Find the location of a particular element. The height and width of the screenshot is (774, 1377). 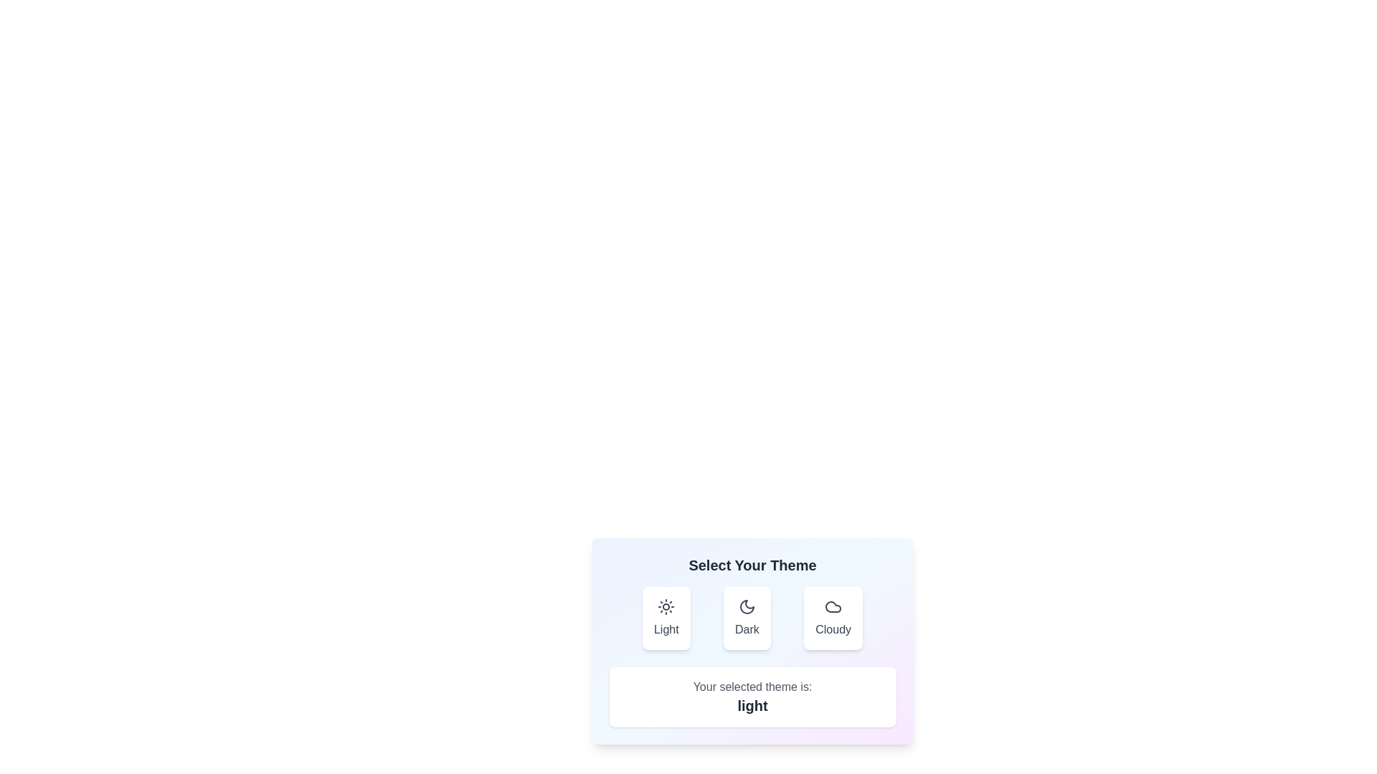

the 'Dark' option in the Interactive theme selection panel is located at coordinates (752, 640).